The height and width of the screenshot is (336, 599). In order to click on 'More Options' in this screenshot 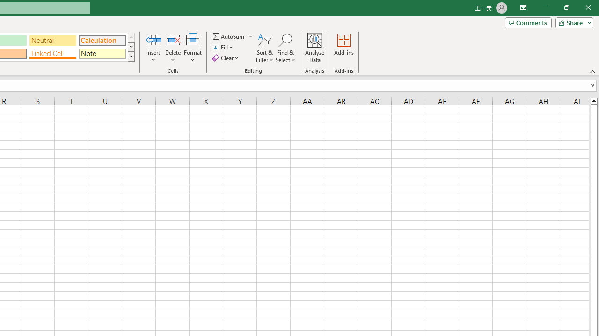, I will do `click(251, 36)`.